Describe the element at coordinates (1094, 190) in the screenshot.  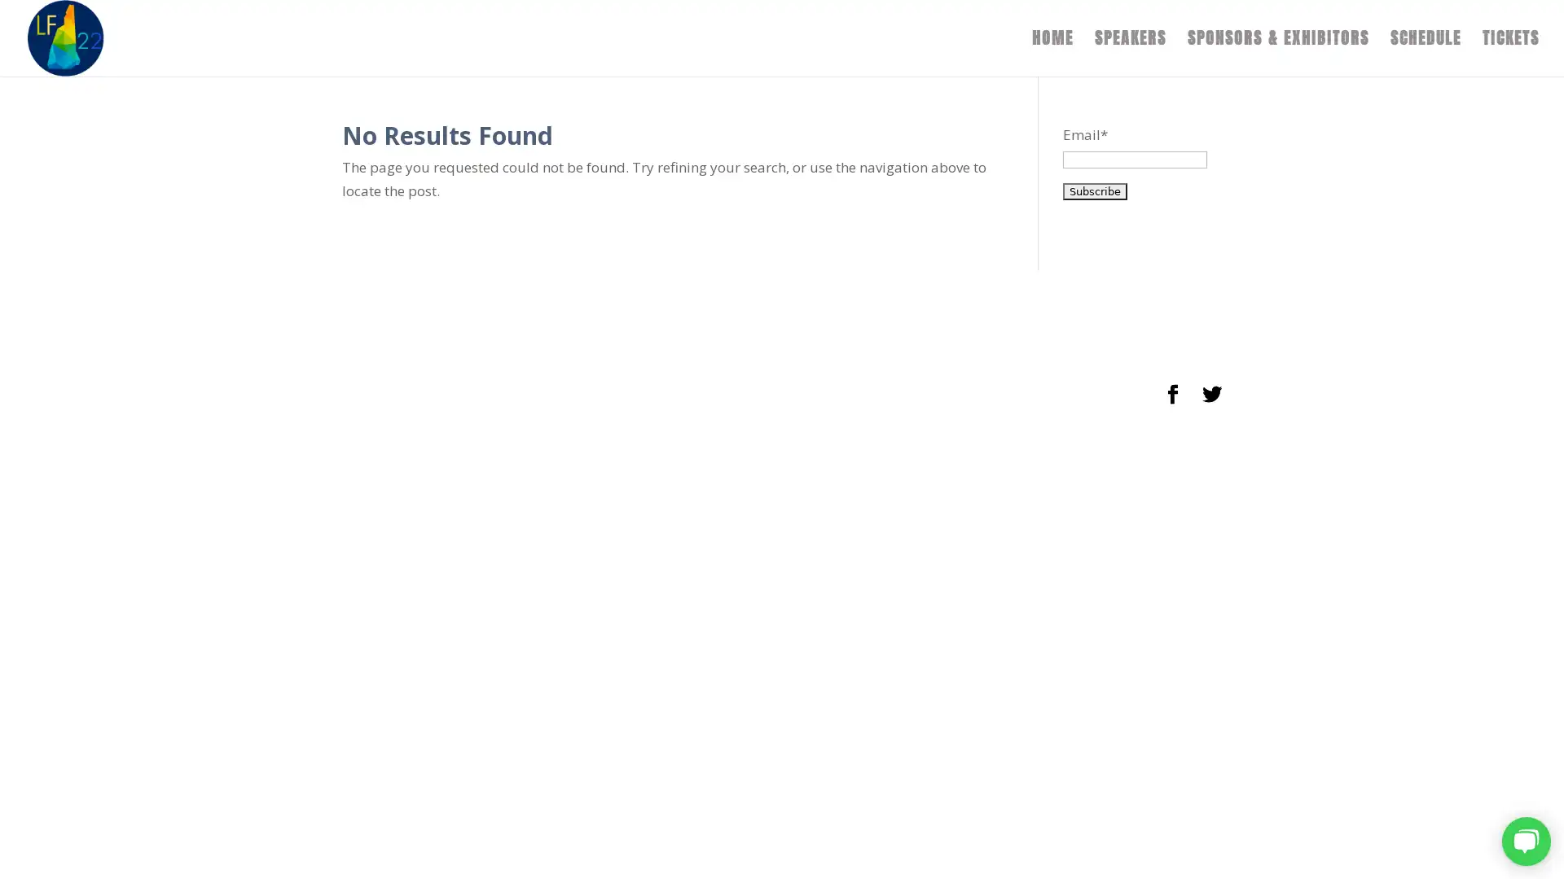
I see `Subscribe` at that location.